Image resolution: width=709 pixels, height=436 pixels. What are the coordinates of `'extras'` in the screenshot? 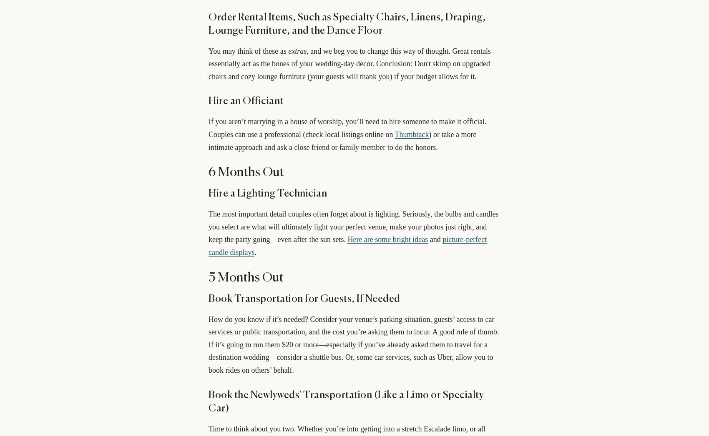 It's located at (297, 50).